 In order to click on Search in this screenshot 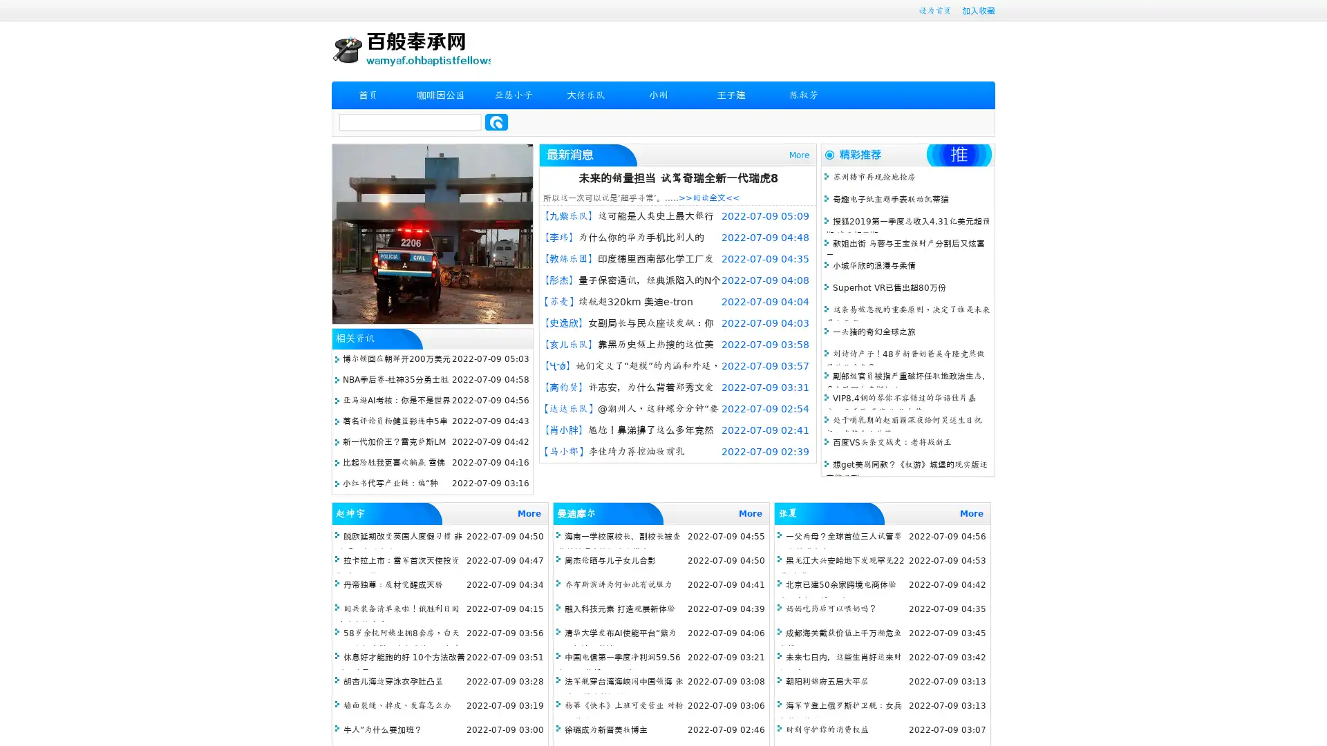, I will do `click(496, 122)`.